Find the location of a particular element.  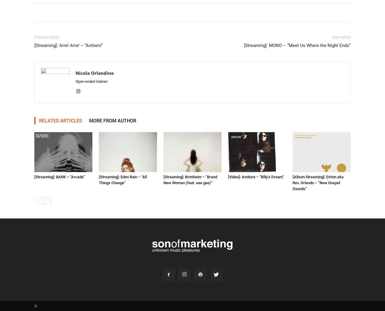

'[Video]: Amiture – “Billy’s Dream”' is located at coordinates (256, 176).